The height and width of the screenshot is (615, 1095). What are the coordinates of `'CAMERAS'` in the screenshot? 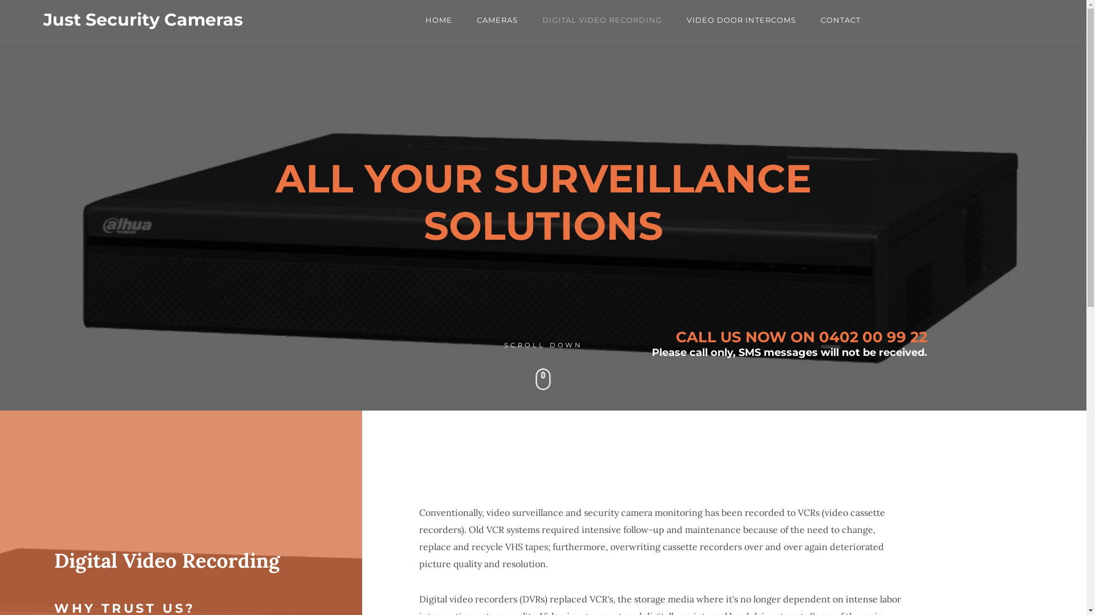 It's located at (497, 19).